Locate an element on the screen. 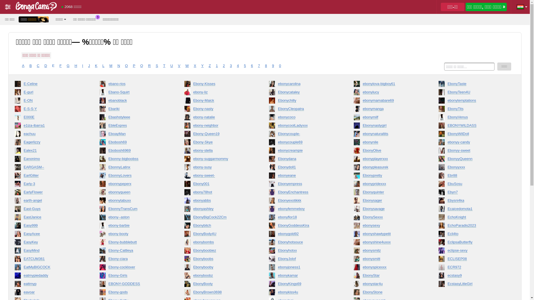  'ebonyfemmeboy' is located at coordinates (269, 210).